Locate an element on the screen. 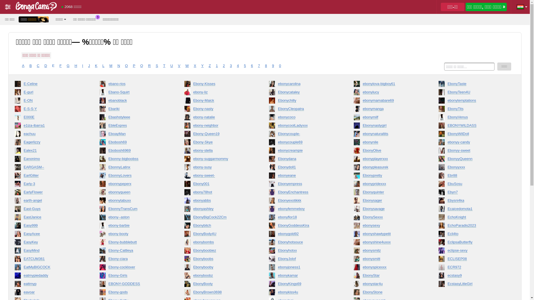  'ebonyfemmeboy' is located at coordinates (269, 210).